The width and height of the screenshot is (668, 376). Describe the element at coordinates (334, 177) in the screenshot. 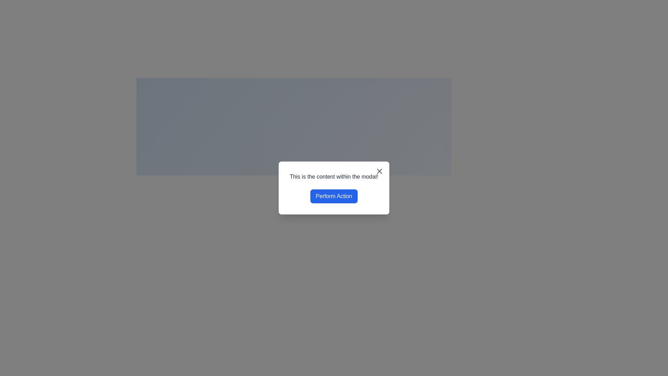

I see `the text block displaying 'This is the content within the modal!' located in the modal dialog box, which is horizontally centered and near the top of the content area` at that location.